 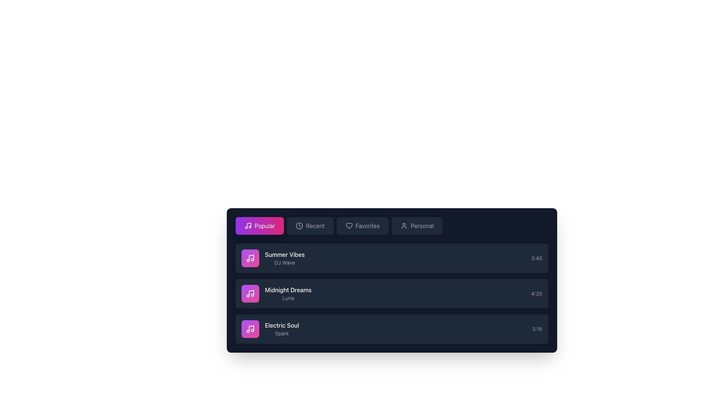 I want to click on the vibrant gradient-filled square with rounded corners featuring a white music note icon, so click(x=250, y=329).